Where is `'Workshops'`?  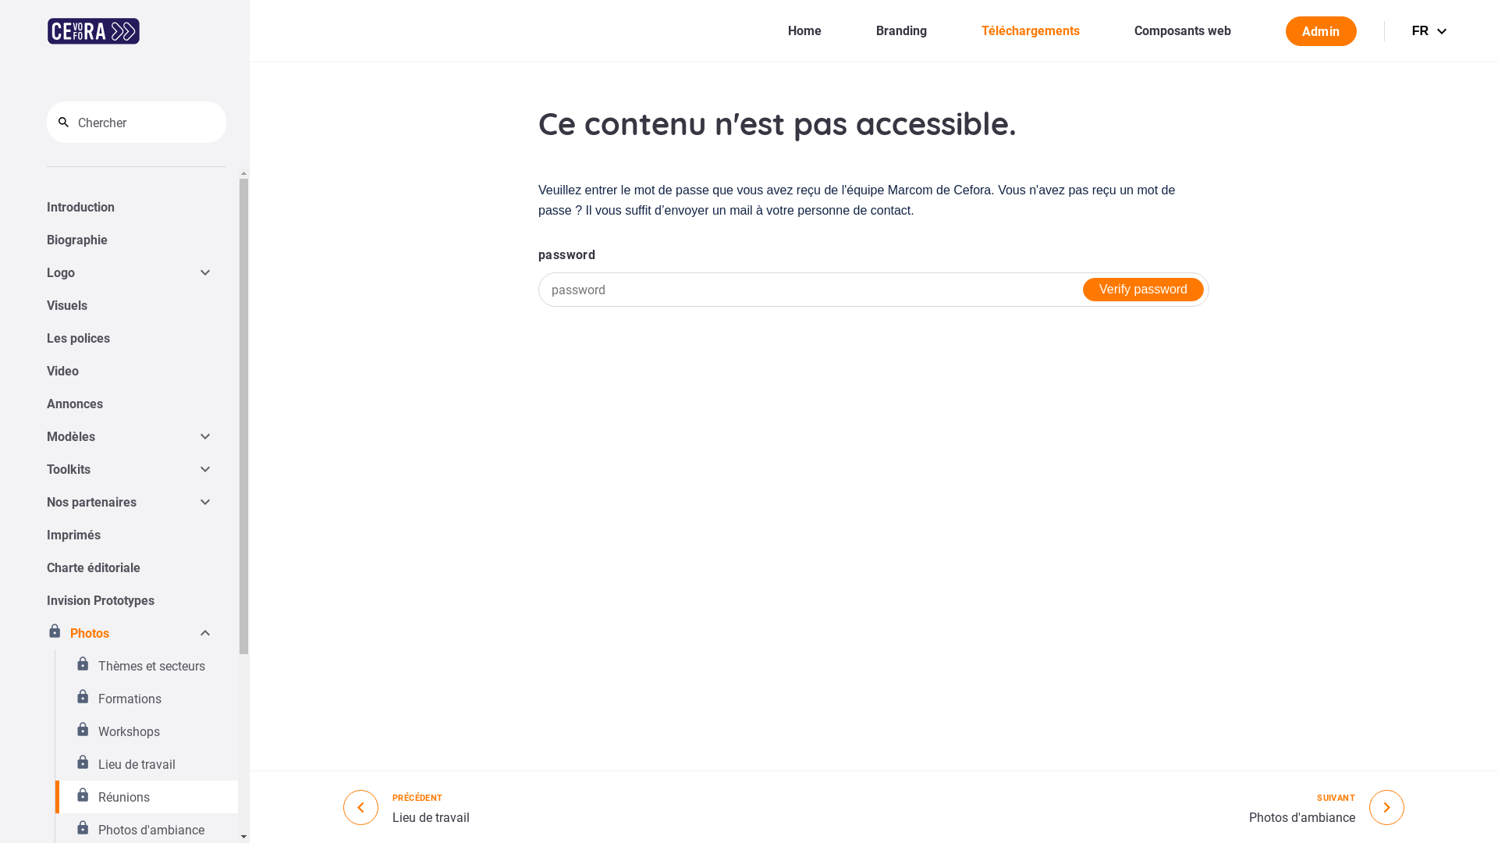 'Workshops' is located at coordinates (146, 731).